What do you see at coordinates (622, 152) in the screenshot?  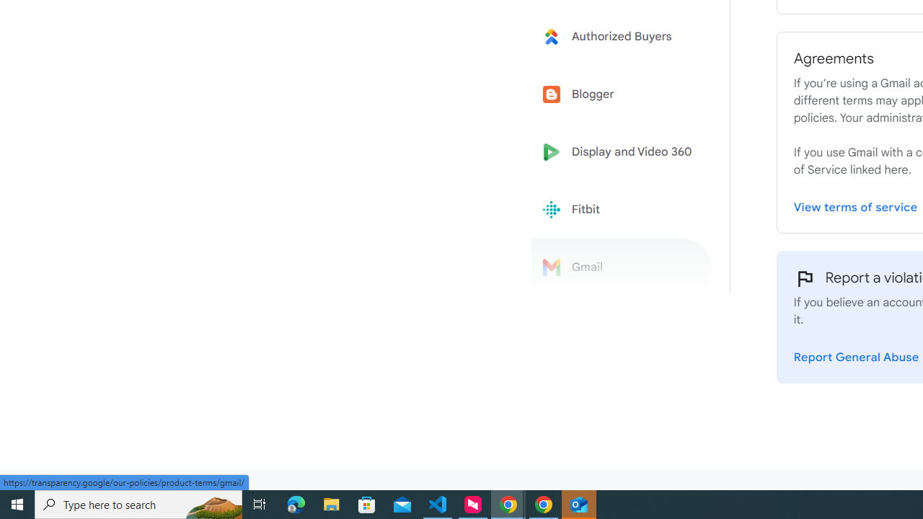 I see `'Display and Video 360'` at bounding box center [622, 152].